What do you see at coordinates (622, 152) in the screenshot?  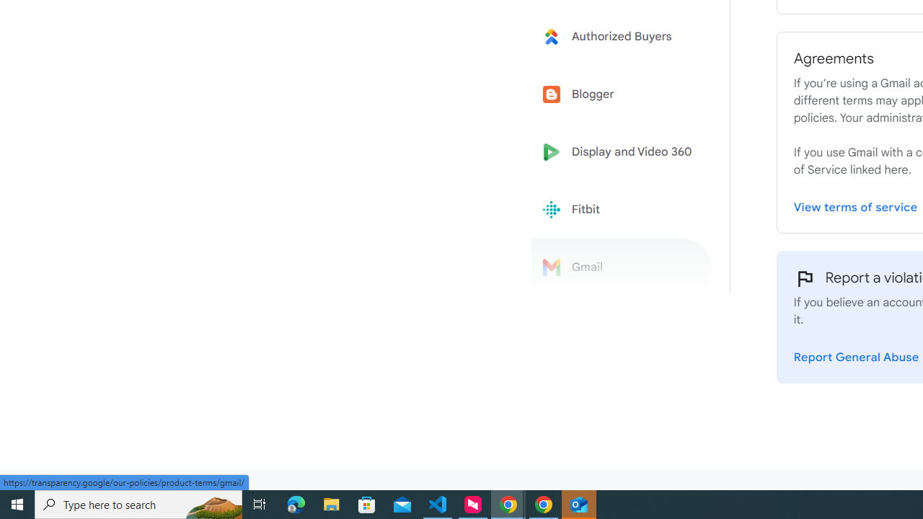 I see `'Display and Video 360'` at bounding box center [622, 152].